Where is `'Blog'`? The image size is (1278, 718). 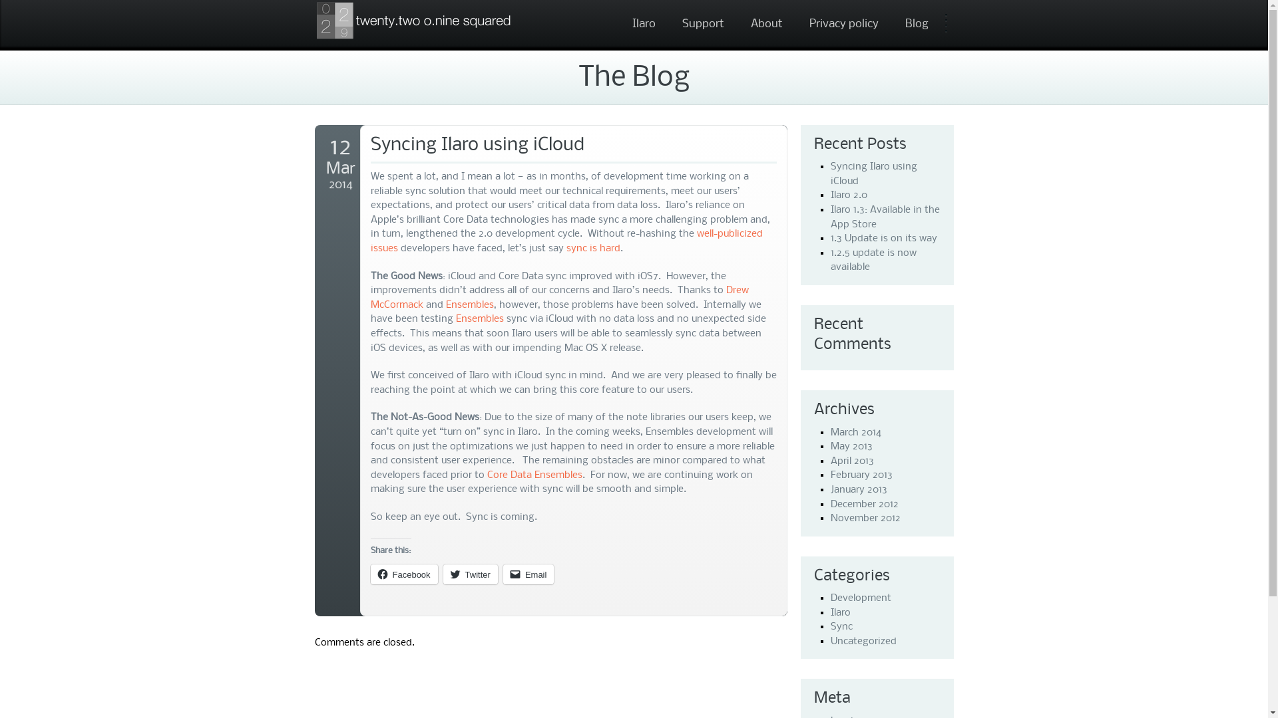
'Blog' is located at coordinates (915, 23).